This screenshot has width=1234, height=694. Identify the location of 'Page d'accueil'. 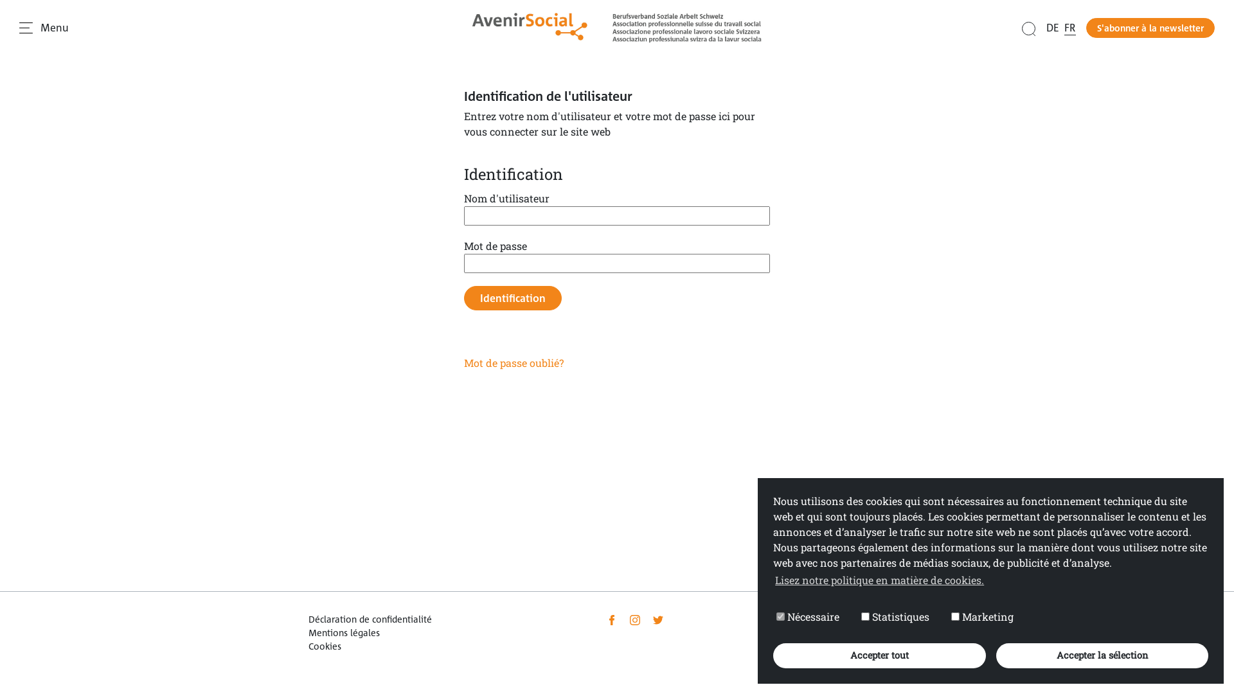
(617, 28).